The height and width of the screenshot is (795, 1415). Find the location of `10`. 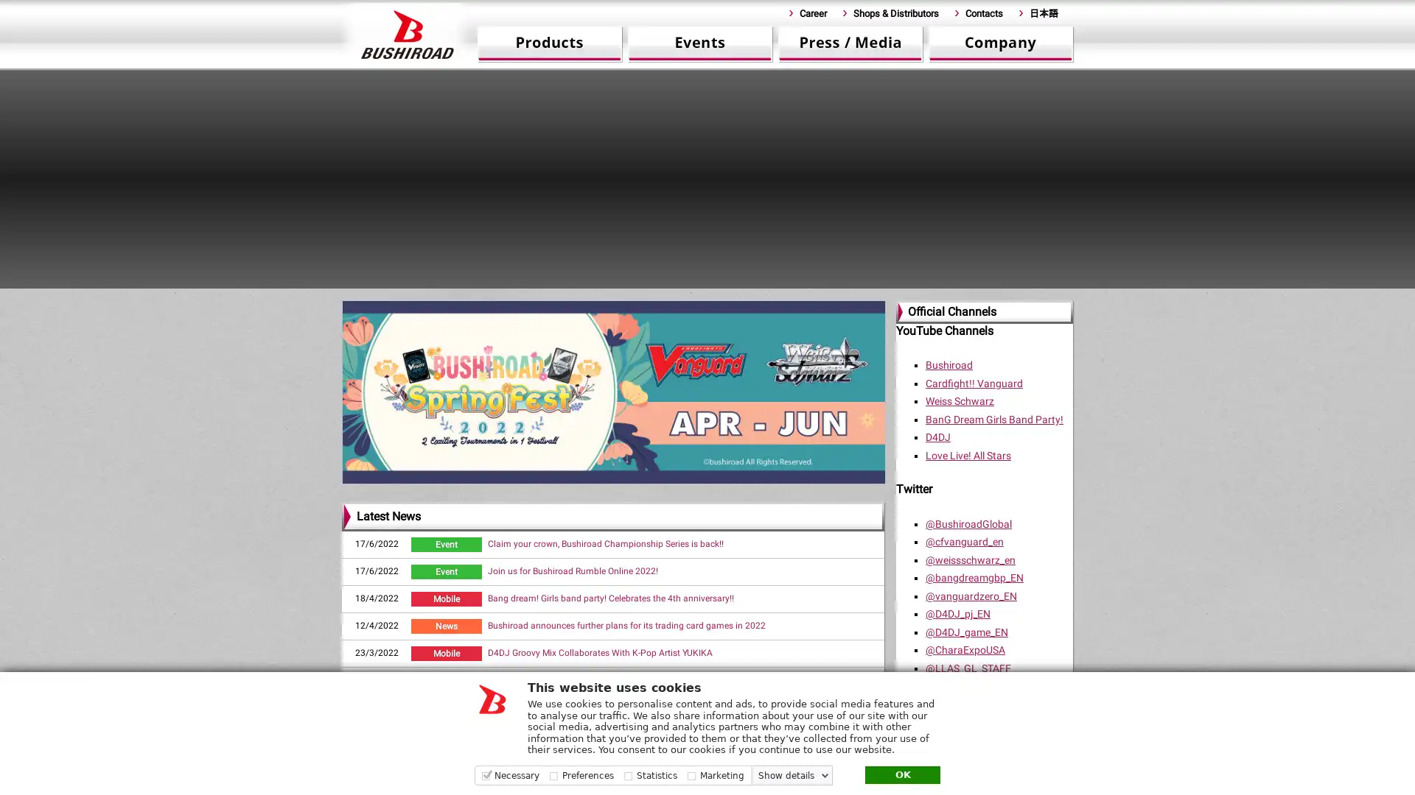

10 is located at coordinates (740, 283).